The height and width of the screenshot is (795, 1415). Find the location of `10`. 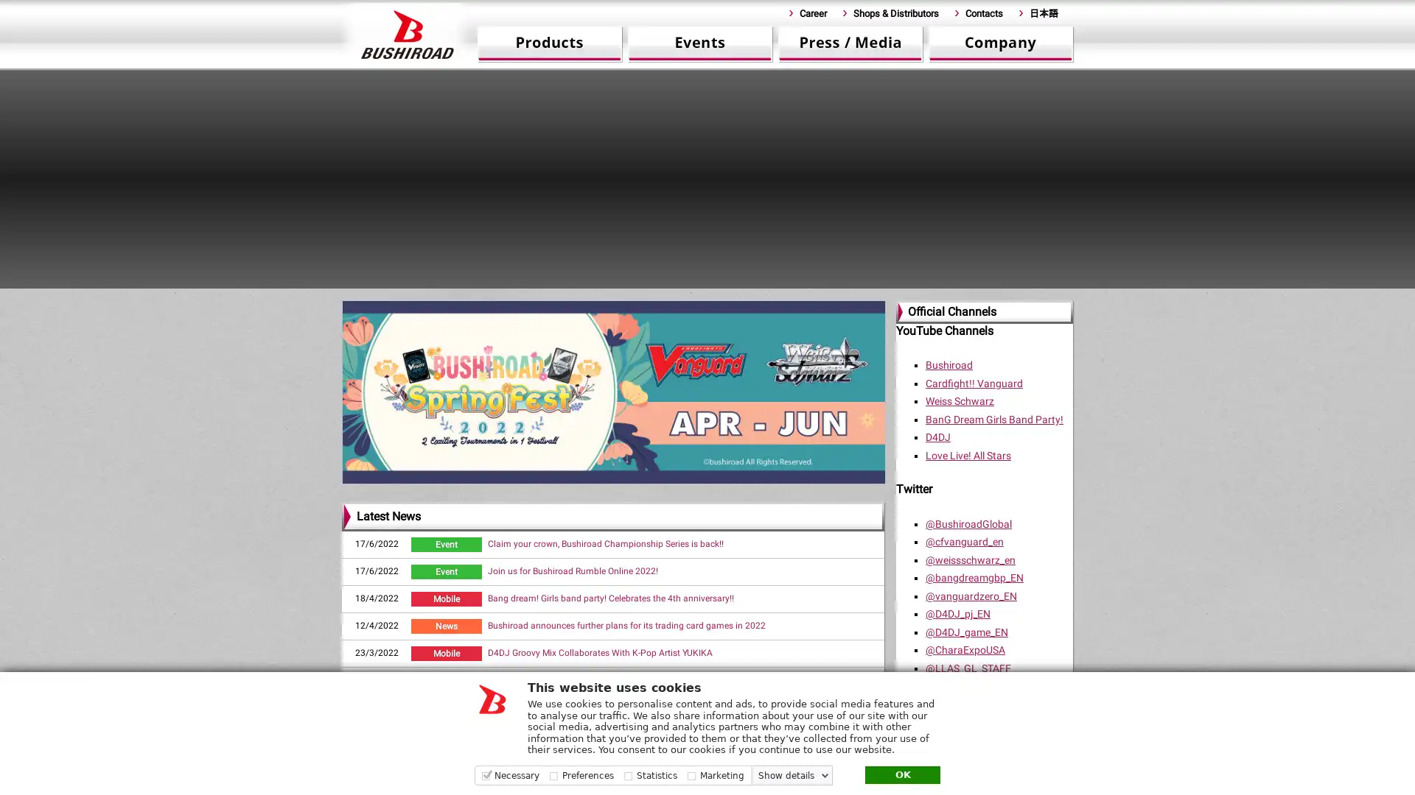

10 is located at coordinates (740, 283).